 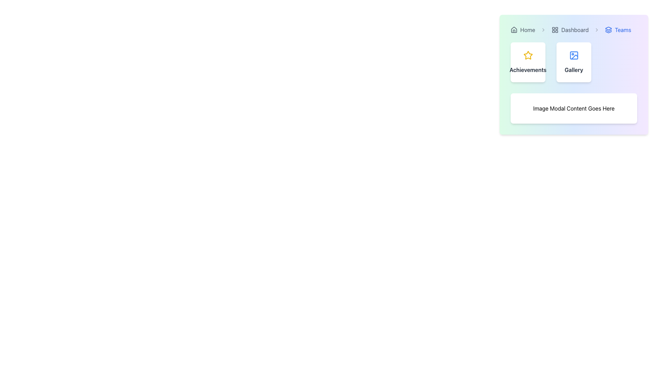 What do you see at coordinates (574, 70) in the screenshot?
I see `the text label indicating gallery features, located in the second card beneath the image icon` at bounding box center [574, 70].